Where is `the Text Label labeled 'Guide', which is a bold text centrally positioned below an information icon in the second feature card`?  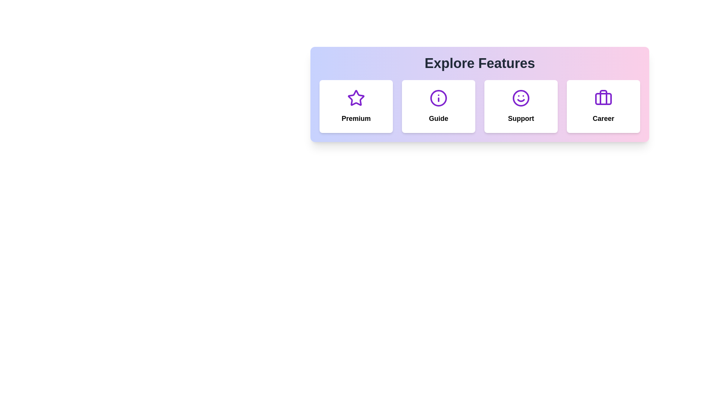
the Text Label labeled 'Guide', which is a bold text centrally positioned below an information icon in the second feature card is located at coordinates (439, 118).